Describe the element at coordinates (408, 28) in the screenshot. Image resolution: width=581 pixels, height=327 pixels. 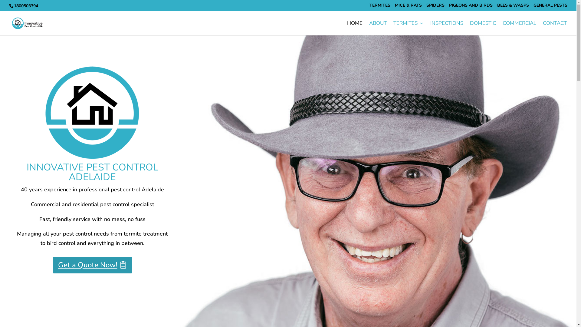
I see `'TERMITES'` at that location.